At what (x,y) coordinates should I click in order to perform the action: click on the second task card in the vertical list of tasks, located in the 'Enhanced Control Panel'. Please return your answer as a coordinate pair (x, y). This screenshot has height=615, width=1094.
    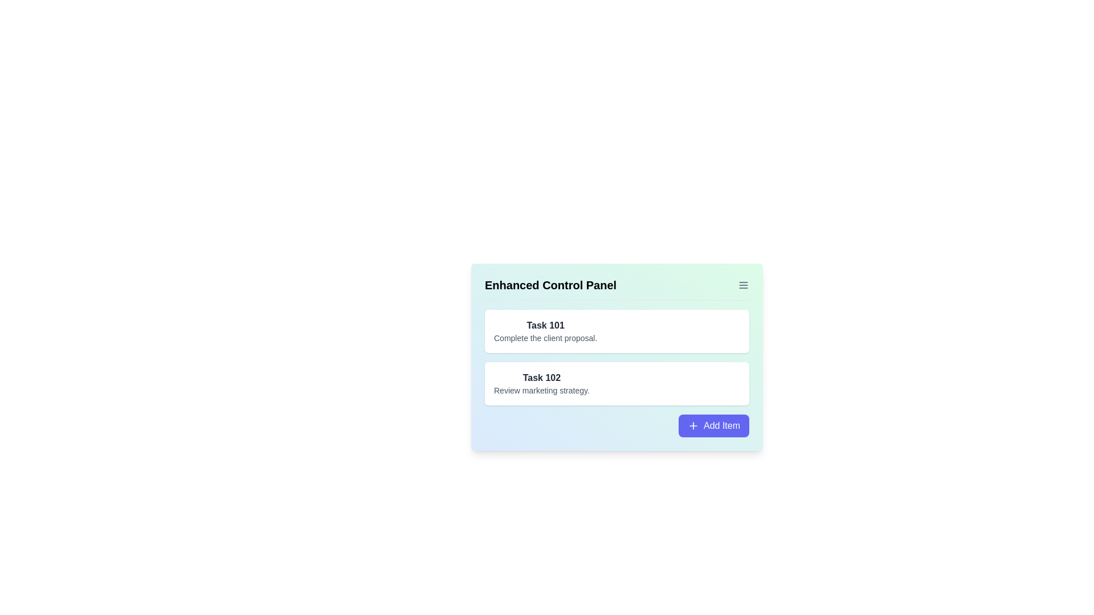
    Looking at the image, I should click on (617, 384).